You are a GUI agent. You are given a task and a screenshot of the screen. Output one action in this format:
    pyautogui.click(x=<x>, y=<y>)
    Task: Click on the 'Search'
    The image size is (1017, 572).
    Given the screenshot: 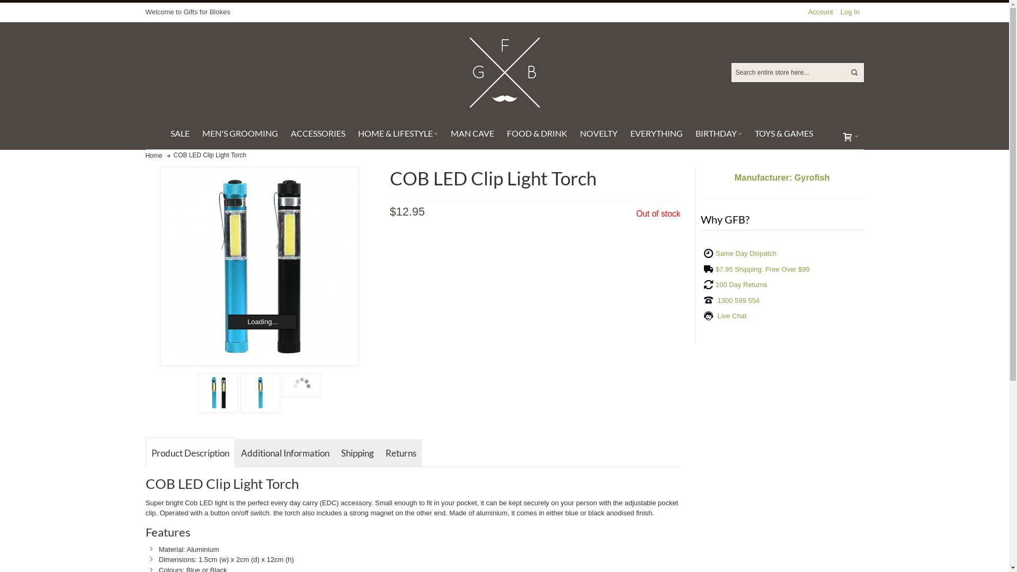 What is the action you would take?
    pyautogui.click(x=854, y=72)
    